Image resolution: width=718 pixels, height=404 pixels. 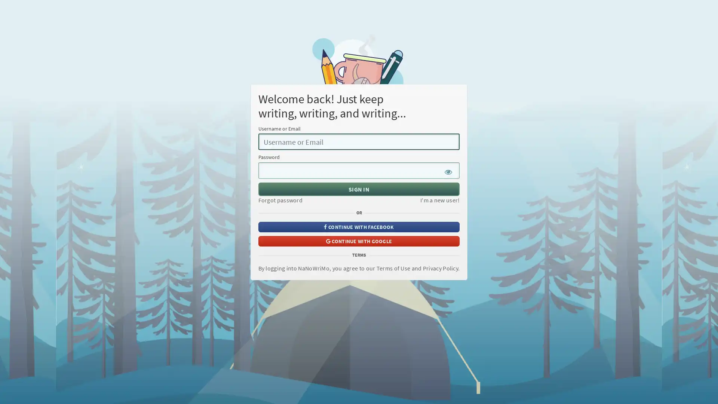 What do you see at coordinates (358, 241) in the screenshot?
I see `CONTINUE WITH GOOGLE` at bounding box center [358, 241].